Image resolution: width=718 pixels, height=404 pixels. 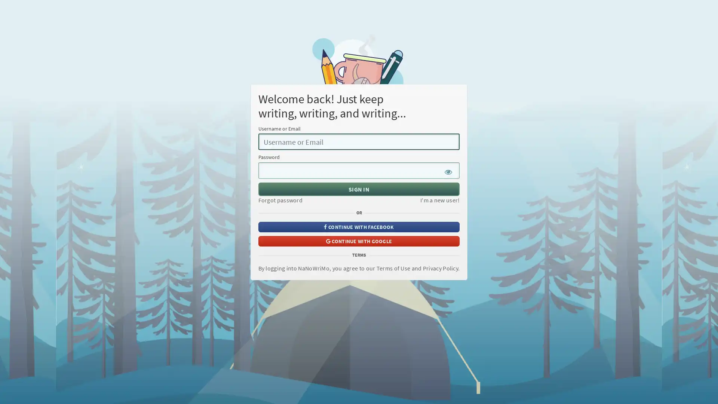 What do you see at coordinates (358, 241) in the screenshot?
I see `CONTINUE WITH GOOGLE` at bounding box center [358, 241].